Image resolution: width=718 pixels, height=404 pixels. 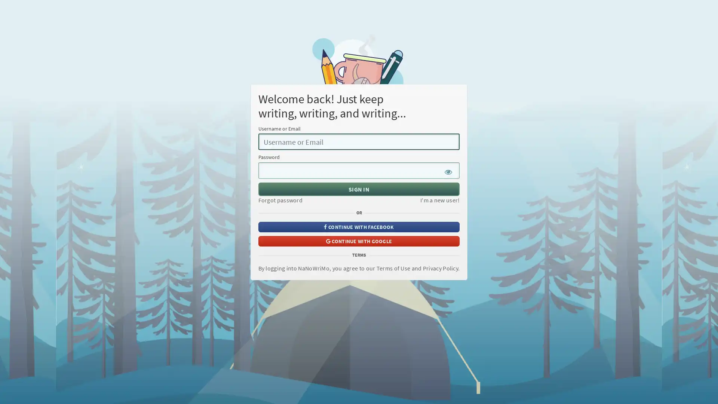 What do you see at coordinates (358, 241) in the screenshot?
I see `CONTINUE WITH GOOGLE` at bounding box center [358, 241].